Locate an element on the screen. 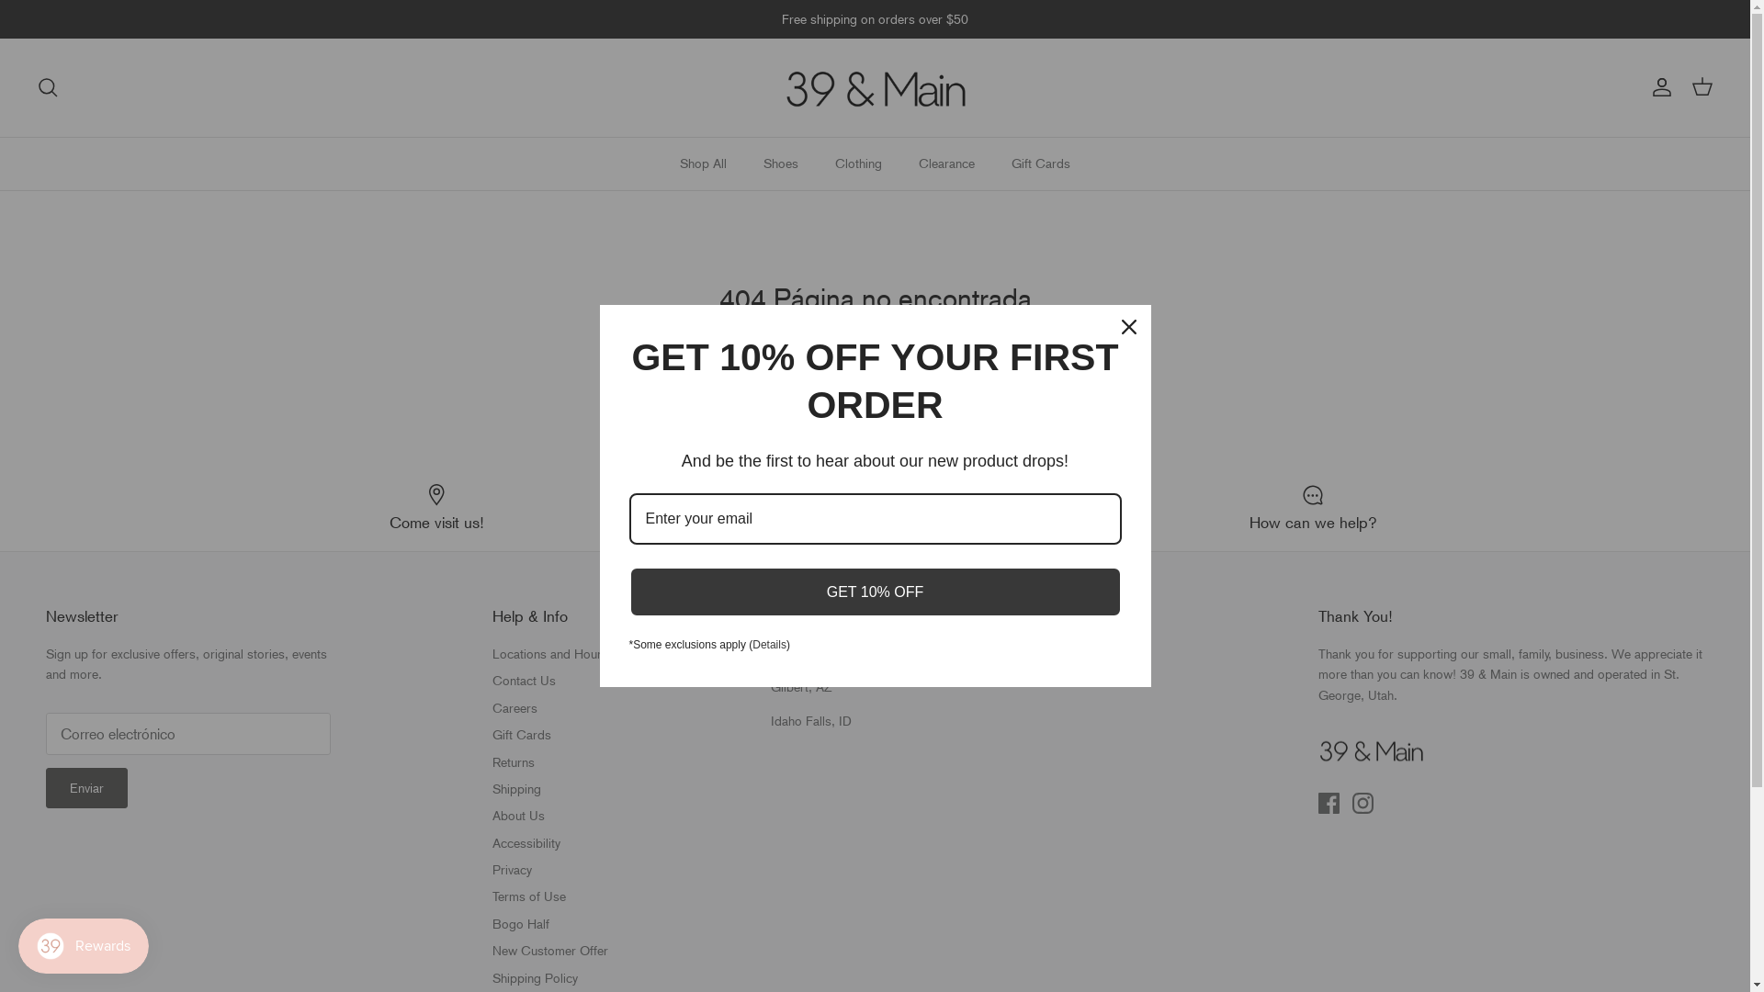 The height and width of the screenshot is (992, 1764). 'Earn rewards | Club 39' is located at coordinates (874, 507).